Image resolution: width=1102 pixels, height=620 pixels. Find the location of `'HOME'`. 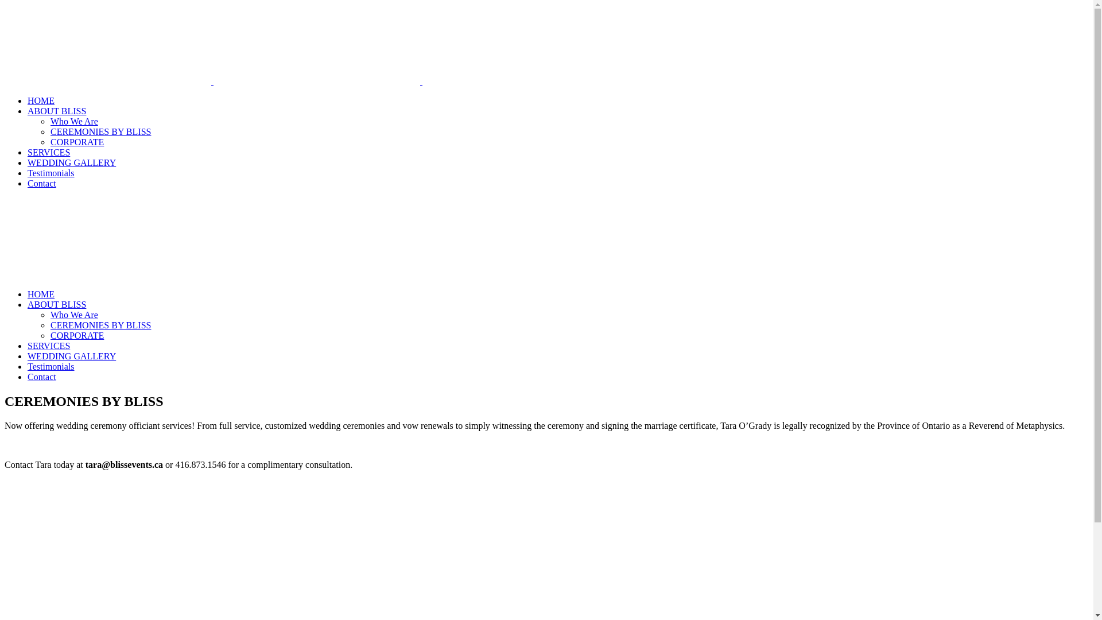

'HOME' is located at coordinates (41, 100).